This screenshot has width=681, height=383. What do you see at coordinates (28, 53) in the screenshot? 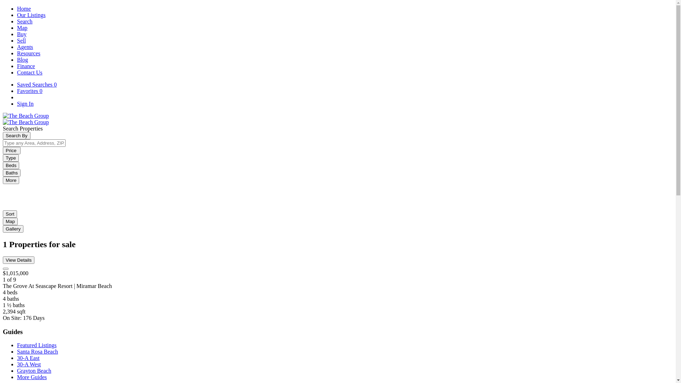
I see `'Resources'` at bounding box center [28, 53].